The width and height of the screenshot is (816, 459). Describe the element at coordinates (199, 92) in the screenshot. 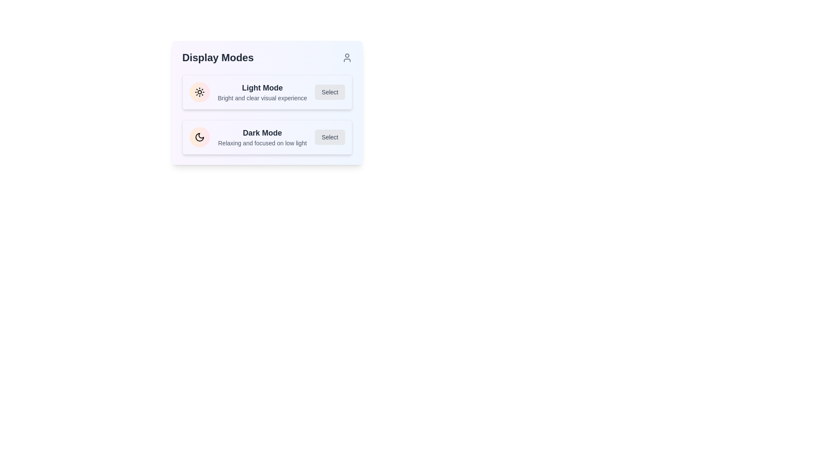

I see `the sun icon in the top-left of the 'Display Modes' modal, which represents the Light Mode option` at that location.